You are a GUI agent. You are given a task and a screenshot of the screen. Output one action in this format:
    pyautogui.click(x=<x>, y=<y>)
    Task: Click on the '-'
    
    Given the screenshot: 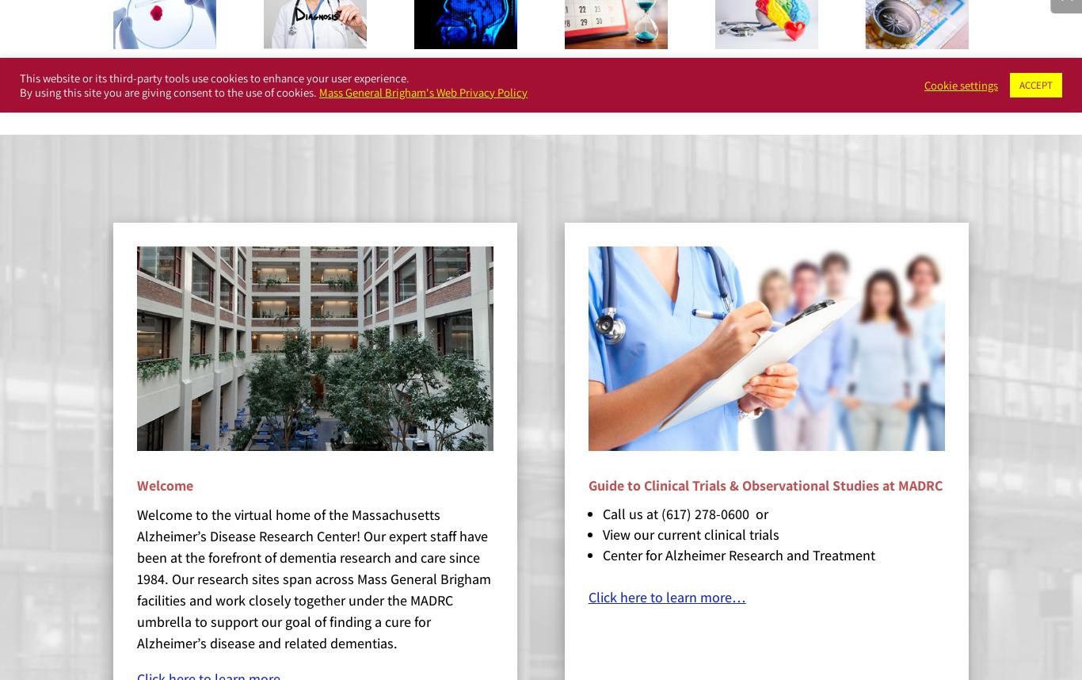 What is the action you would take?
    pyautogui.click(x=105, y=77)
    